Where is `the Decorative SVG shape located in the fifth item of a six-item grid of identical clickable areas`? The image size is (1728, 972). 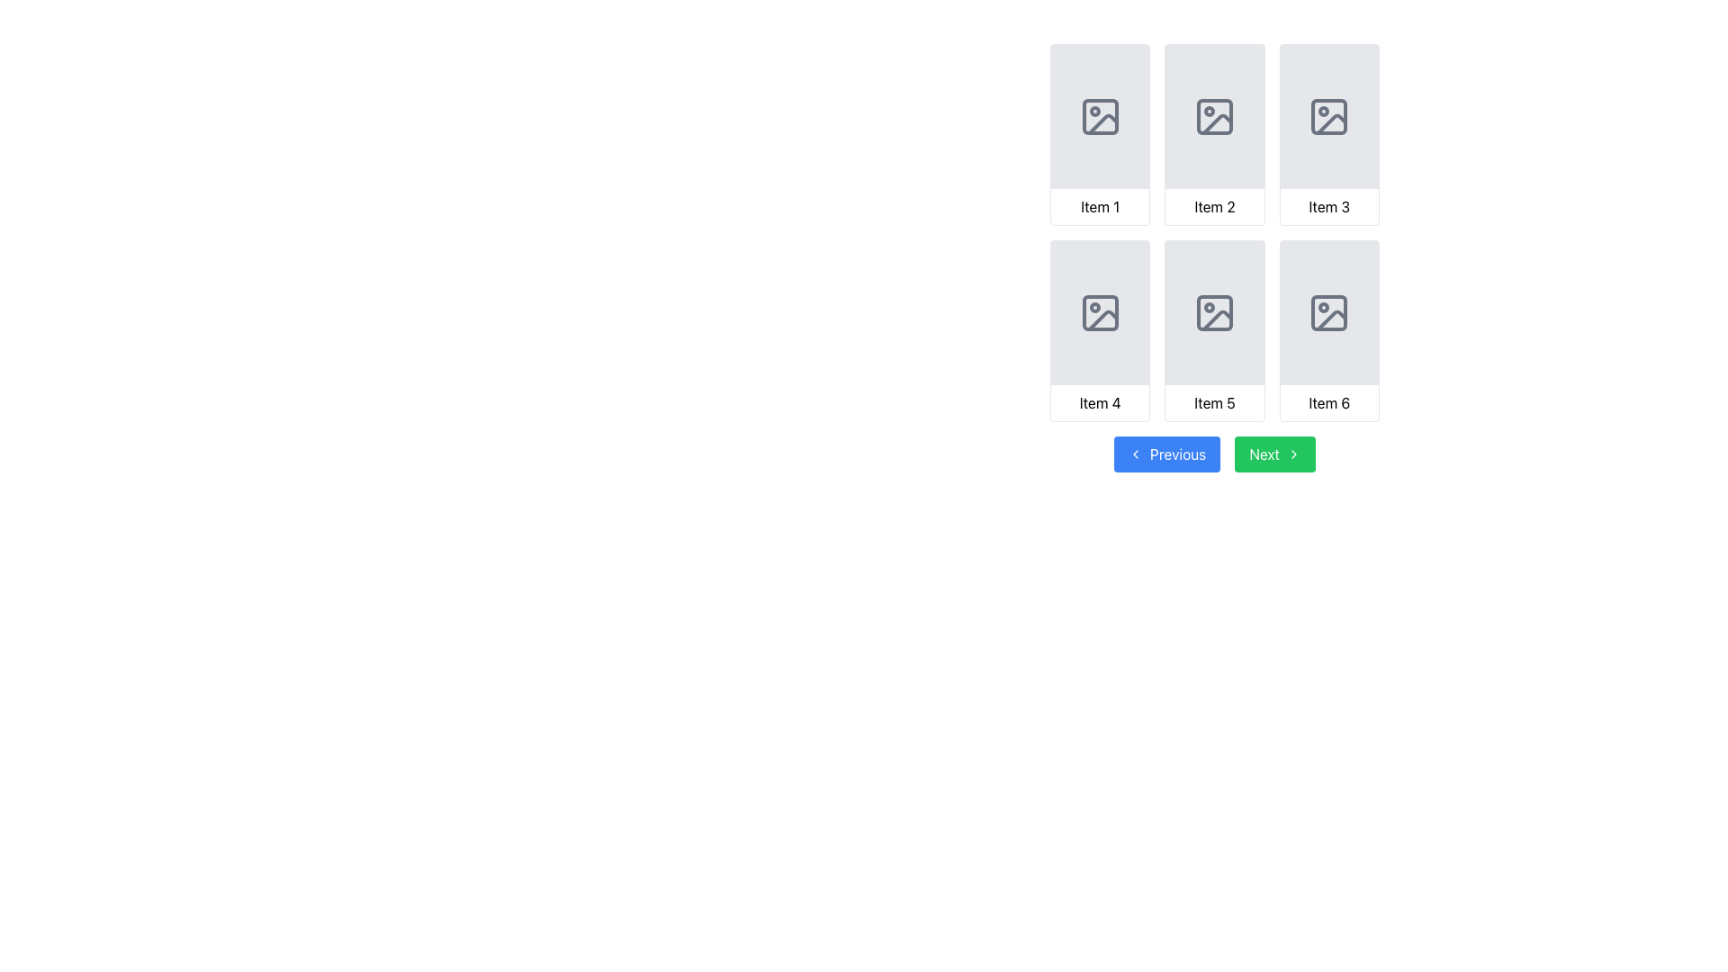
the Decorative SVG shape located in the fifth item of a six-item grid of identical clickable areas is located at coordinates (1214, 311).